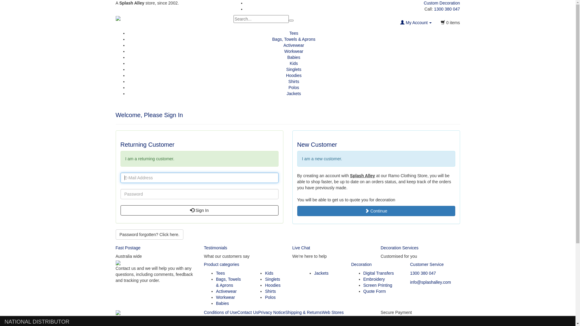  I want to click on 'Bags, Towels & Aprons', so click(228, 282).